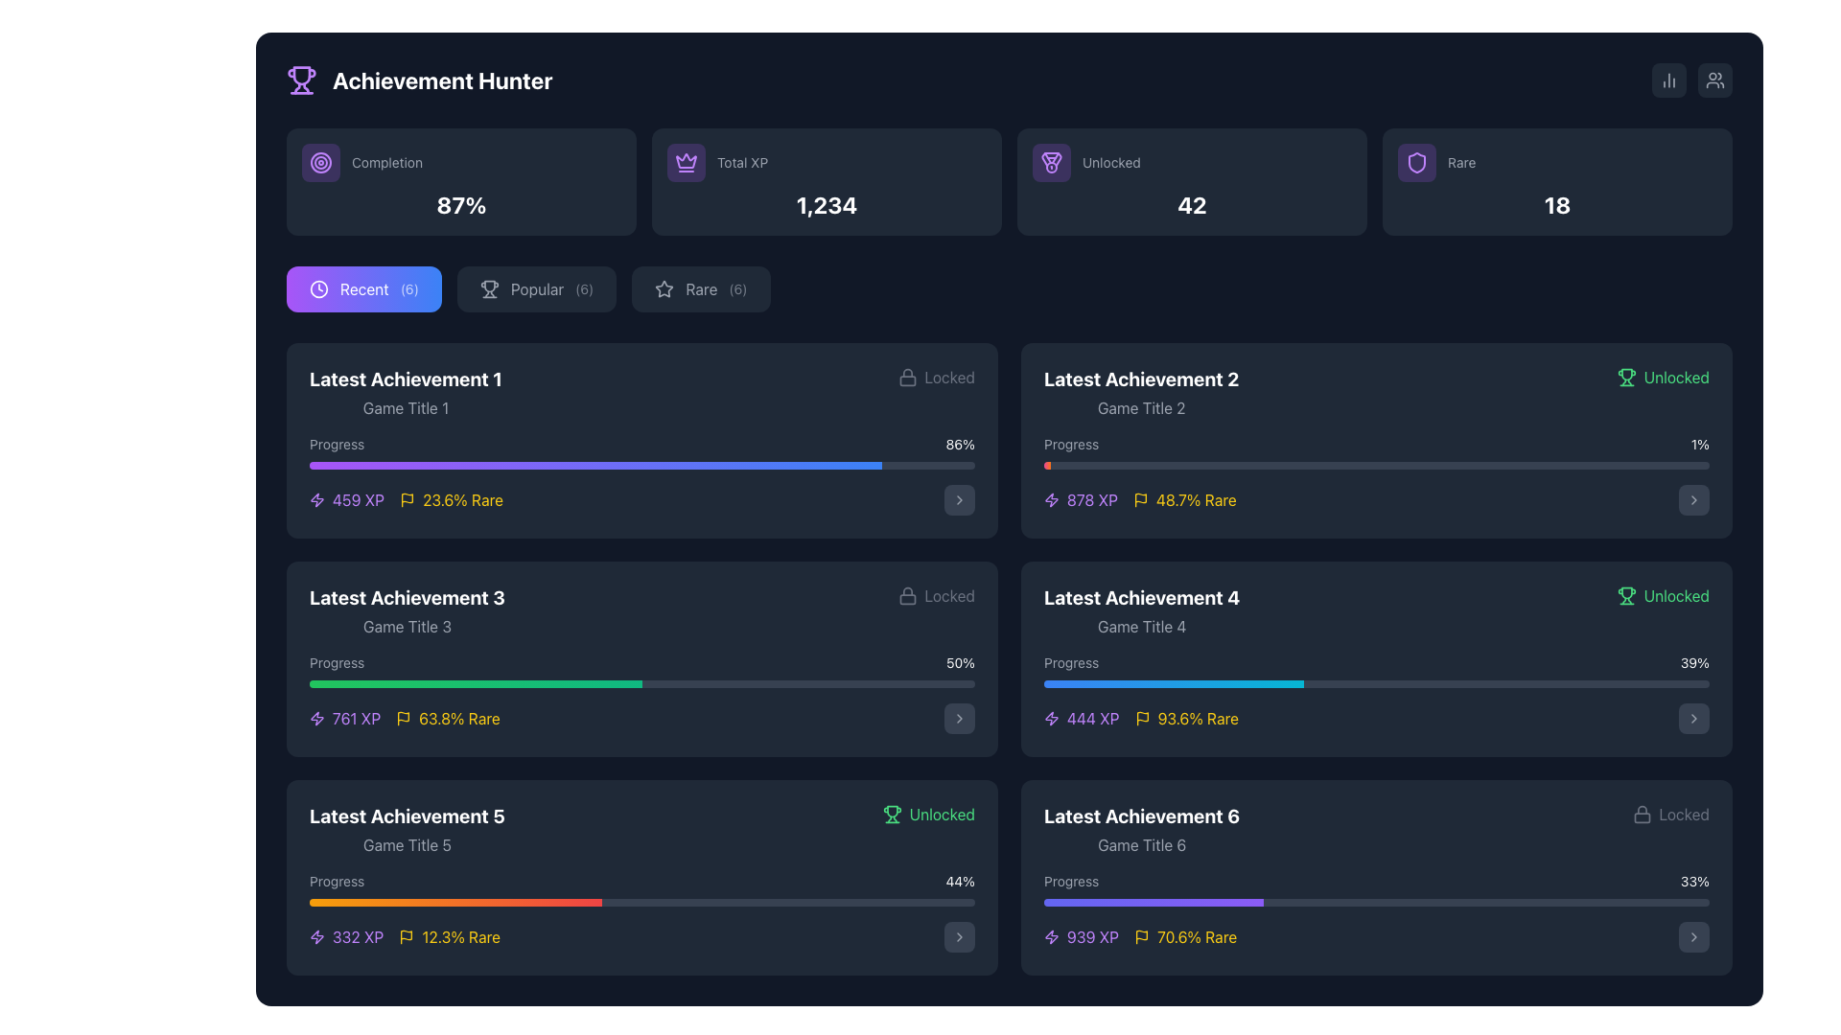 This screenshot has width=1841, height=1035. Describe the element at coordinates (936, 594) in the screenshot. I see `the informational label with an icon indicating that the achievement is currently locked, located in the third column of the second row within the achievements section, under 'Latest Achievement 3'` at that location.